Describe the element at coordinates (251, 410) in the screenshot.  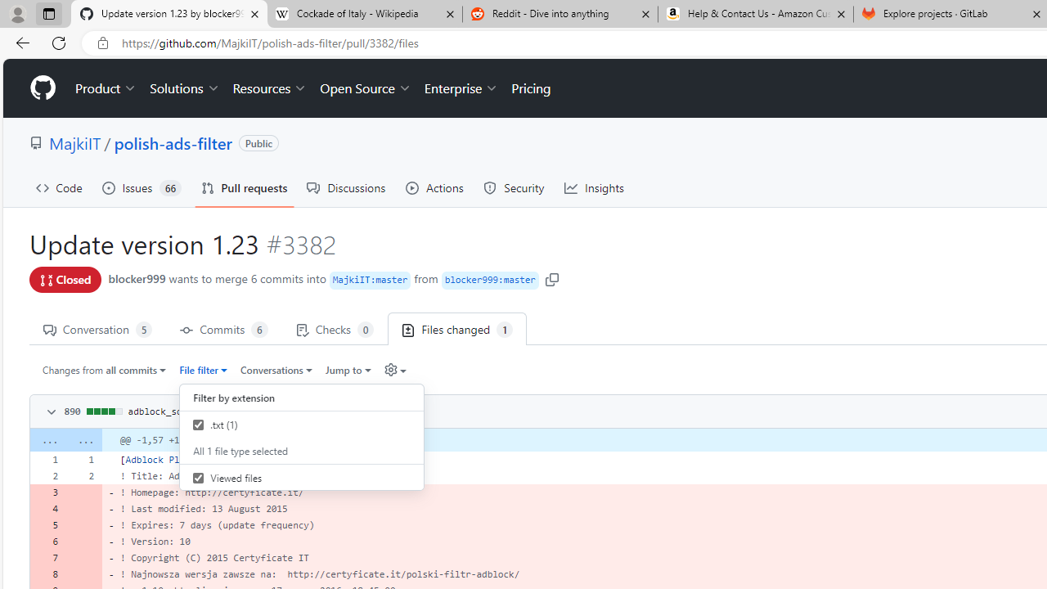
I see `'adblock_social_filters/adblock_social_list.txt'` at that location.